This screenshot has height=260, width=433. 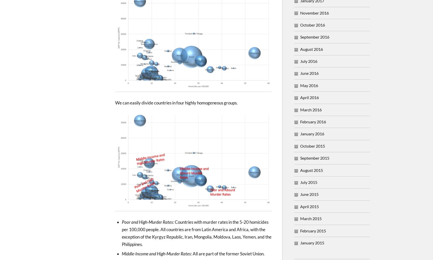 What do you see at coordinates (313, 122) in the screenshot?
I see `'February 2016'` at bounding box center [313, 122].